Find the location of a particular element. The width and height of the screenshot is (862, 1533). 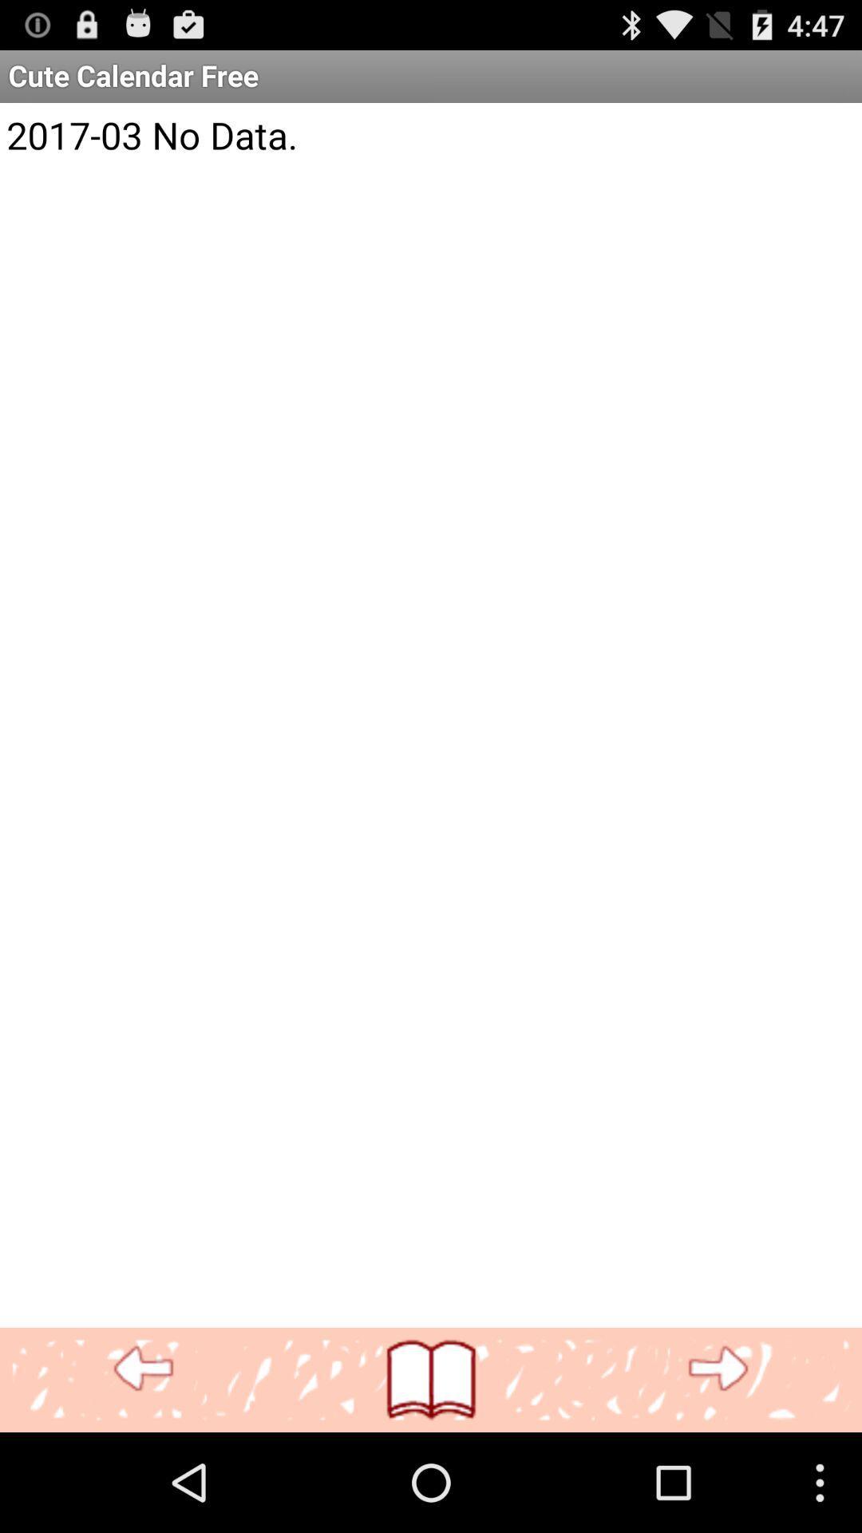

icon below 2017 03 no item is located at coordinates (431, 1379).